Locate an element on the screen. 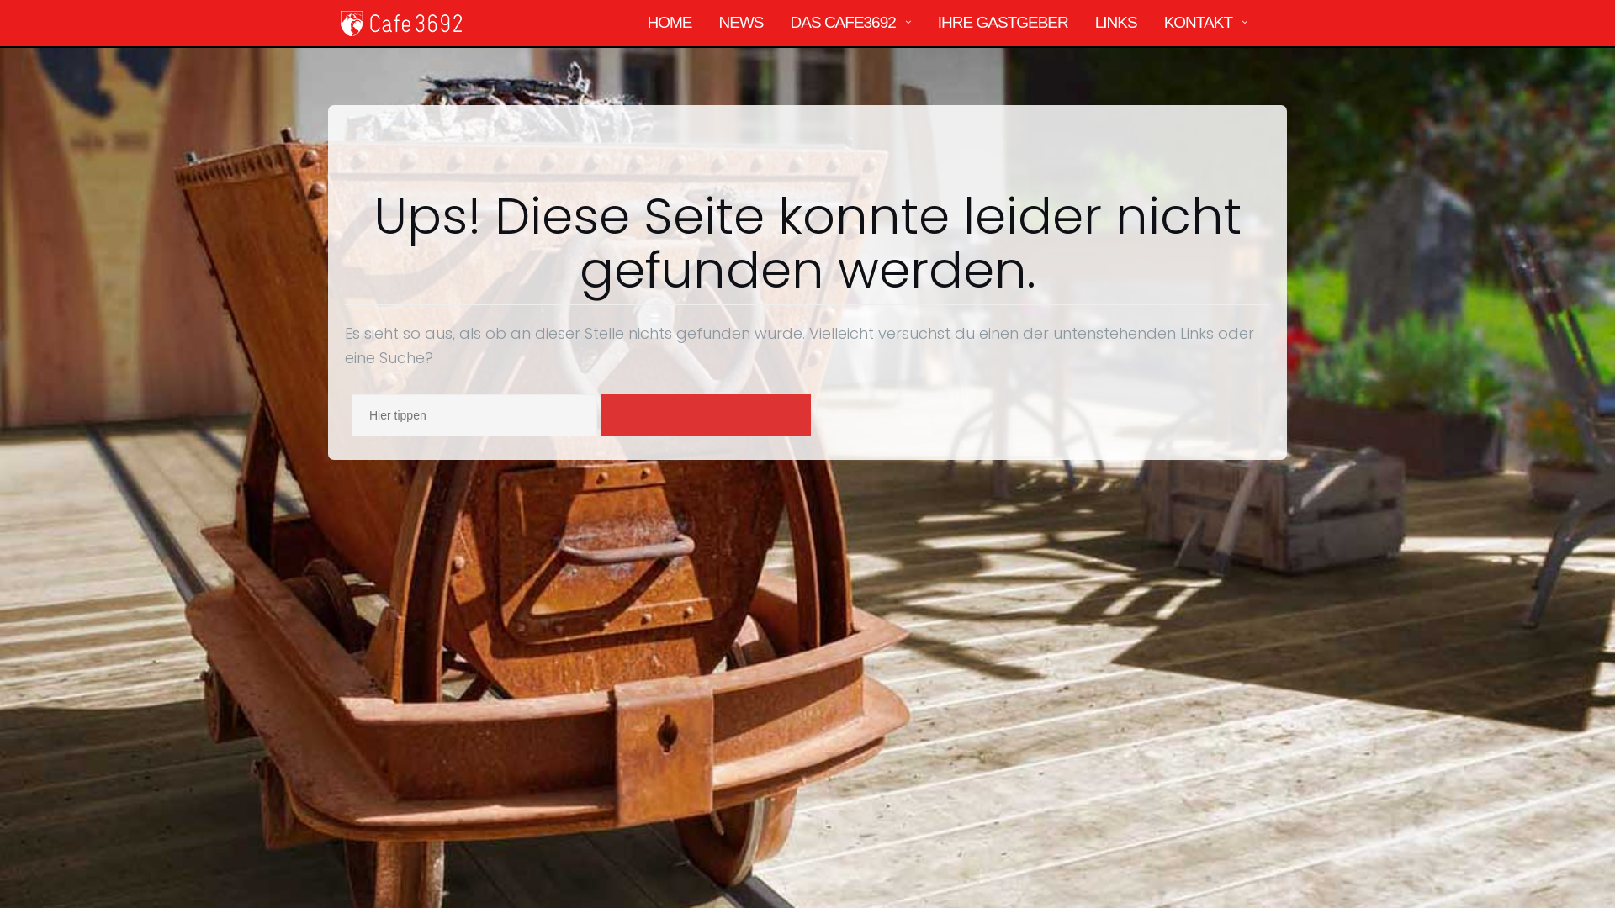 The width and height of the screenshot is (1615, 908). 'KONTAKT' is located at coordinates (1197, 23).